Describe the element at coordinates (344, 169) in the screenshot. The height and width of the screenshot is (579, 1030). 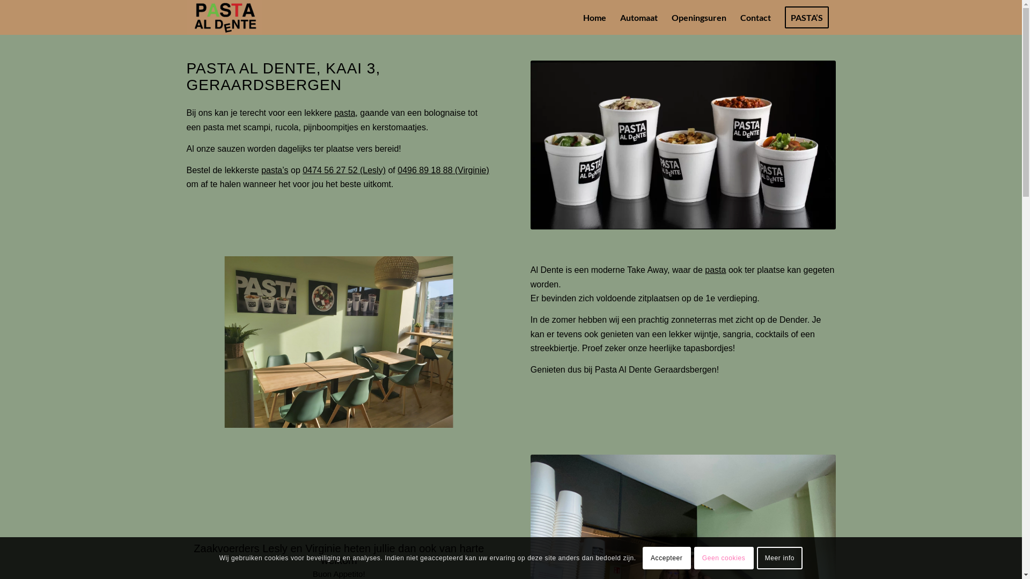
I see `'0474 56 27 52 (Lesly)'` at that location.